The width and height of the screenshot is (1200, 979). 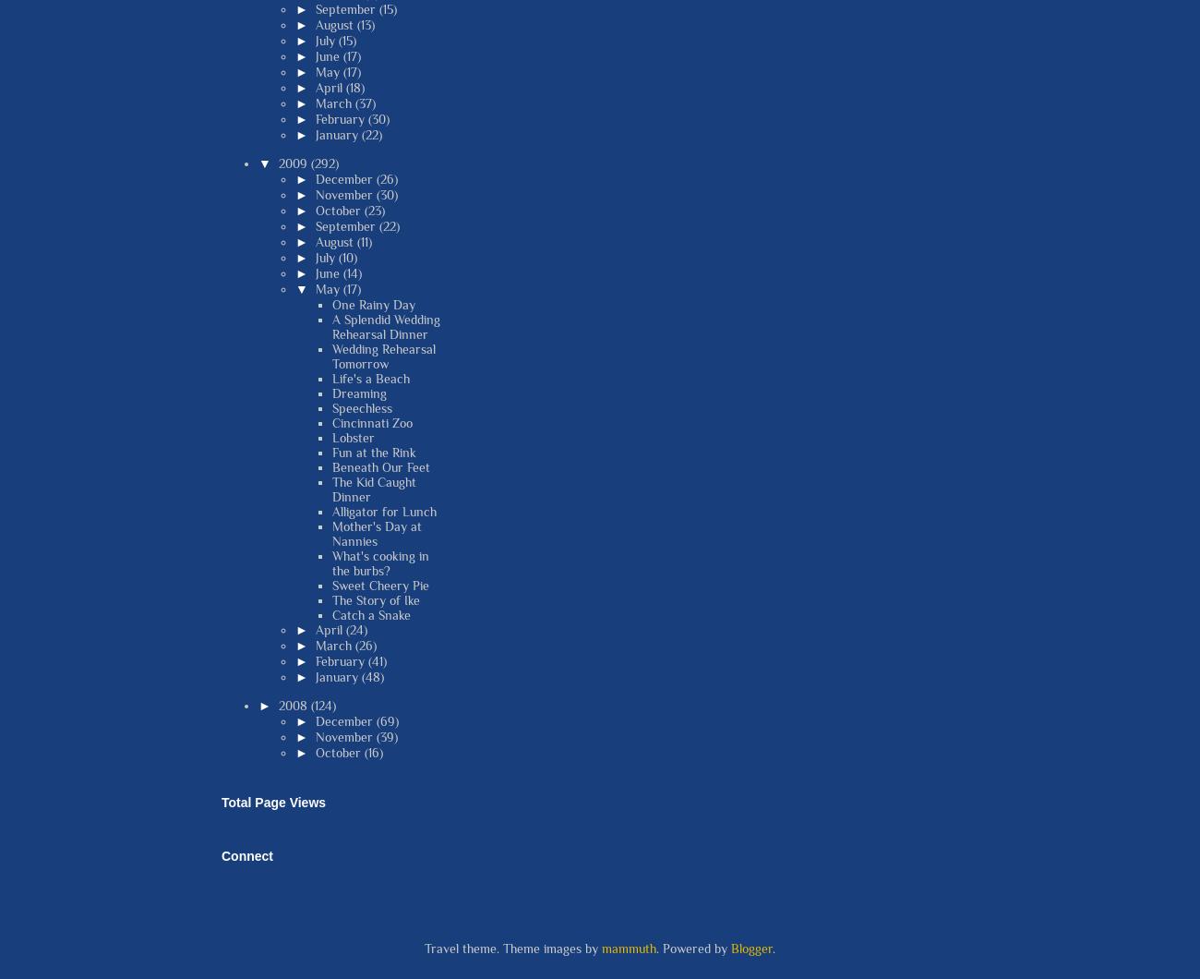 I want to click on '(69)', so click(x=386, y=719).